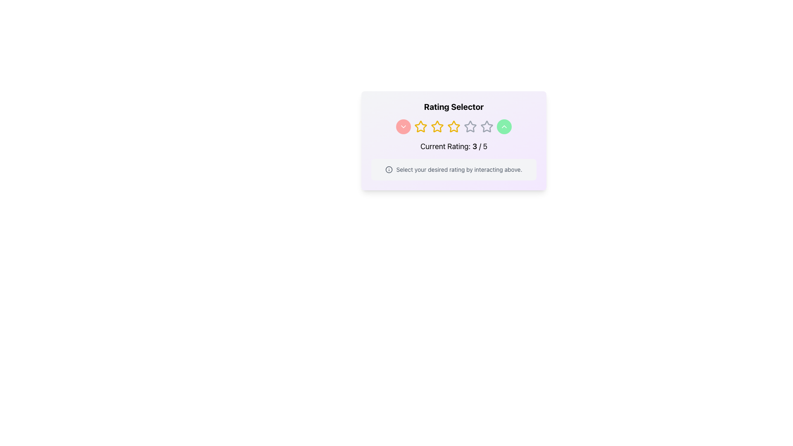 This screenshot has width=793, height=446. I want to click on the fourth star-shaped icon in a horizontally-aligned group of five stars, which represents a rating component and is outlined in gray, so click(470, 127).